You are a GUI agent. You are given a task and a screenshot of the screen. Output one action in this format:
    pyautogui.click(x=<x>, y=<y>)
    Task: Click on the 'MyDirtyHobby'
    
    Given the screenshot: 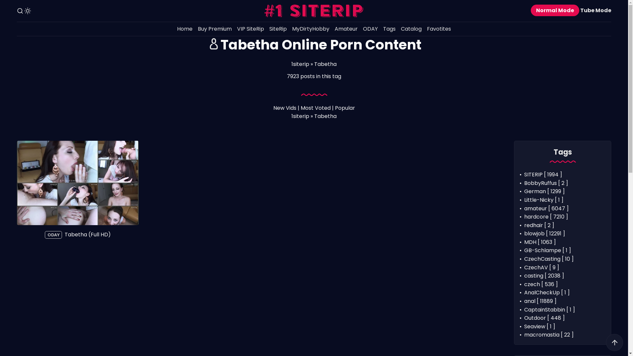 What is the action you would take?
    pyautogui.click(x=310, y=29)
    